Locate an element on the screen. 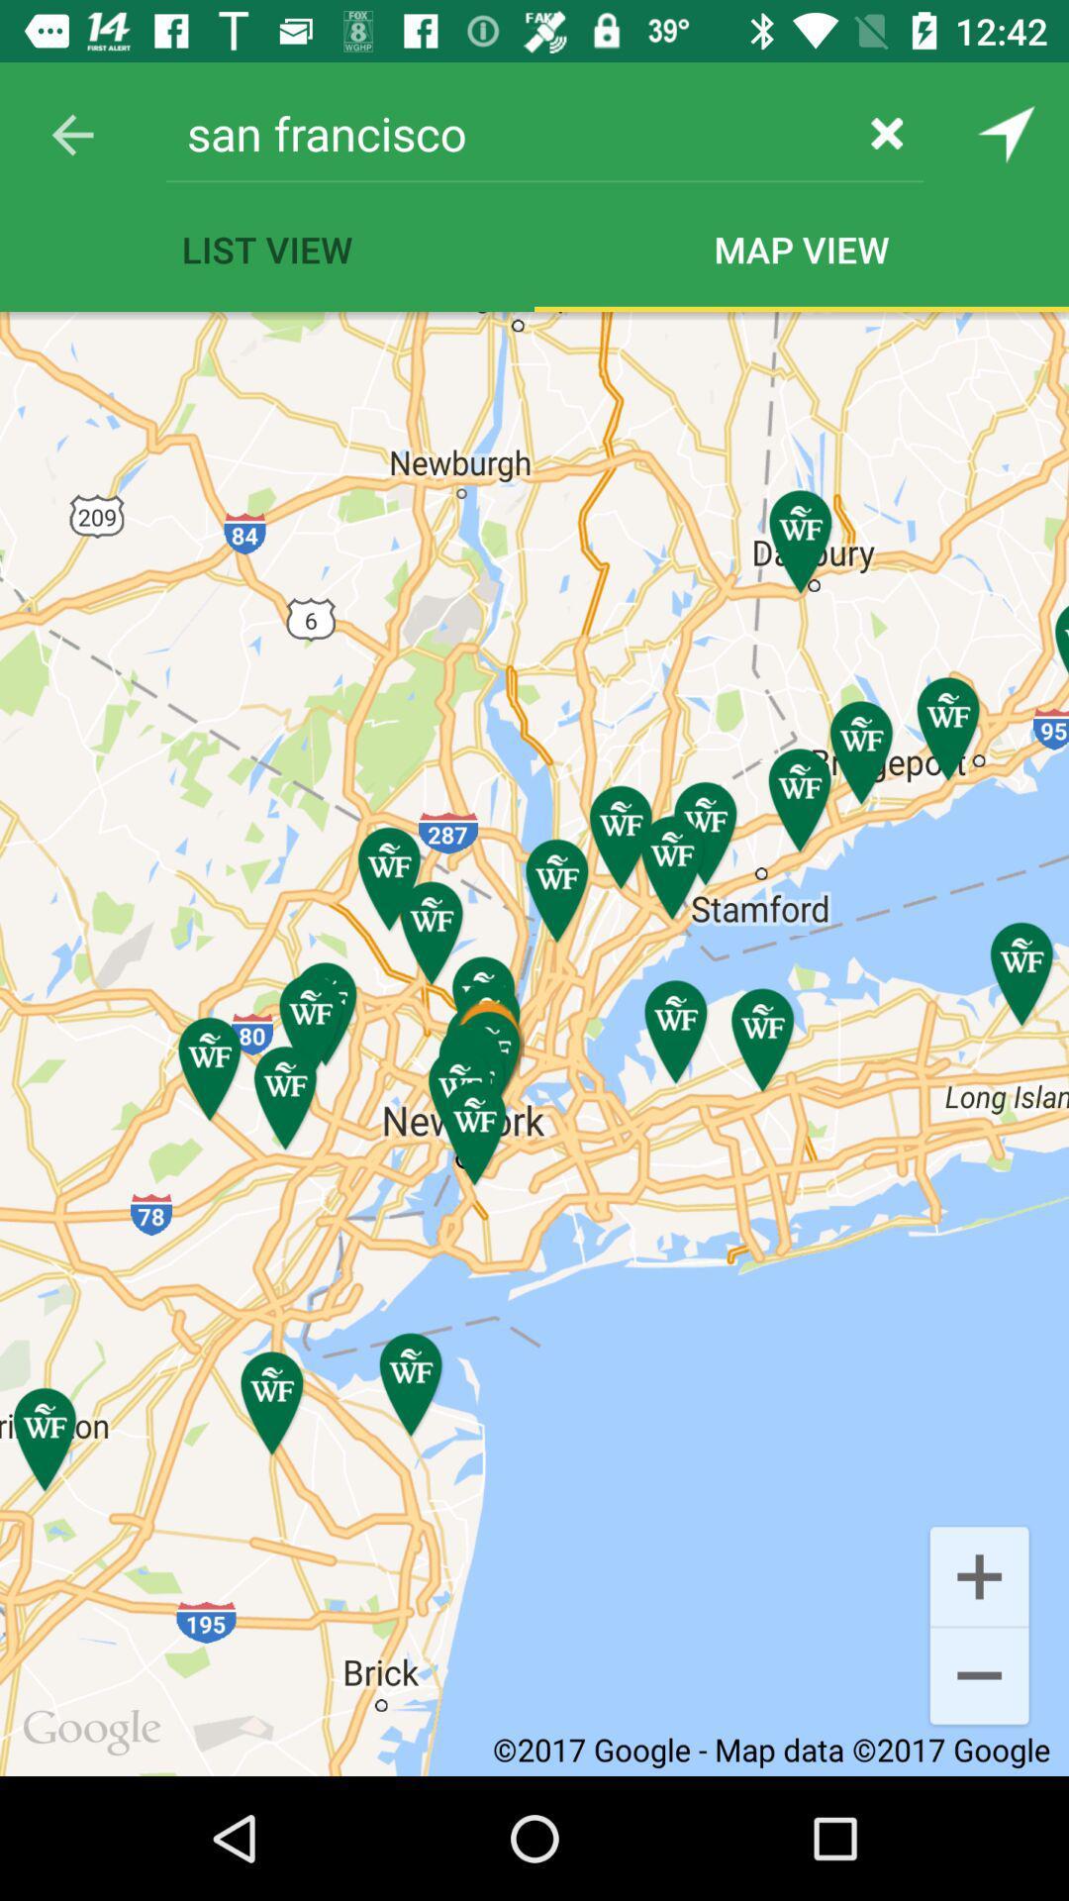 The image size is (1069, 1901). item to the right of san francisco item is located at coordinates (886, 132).